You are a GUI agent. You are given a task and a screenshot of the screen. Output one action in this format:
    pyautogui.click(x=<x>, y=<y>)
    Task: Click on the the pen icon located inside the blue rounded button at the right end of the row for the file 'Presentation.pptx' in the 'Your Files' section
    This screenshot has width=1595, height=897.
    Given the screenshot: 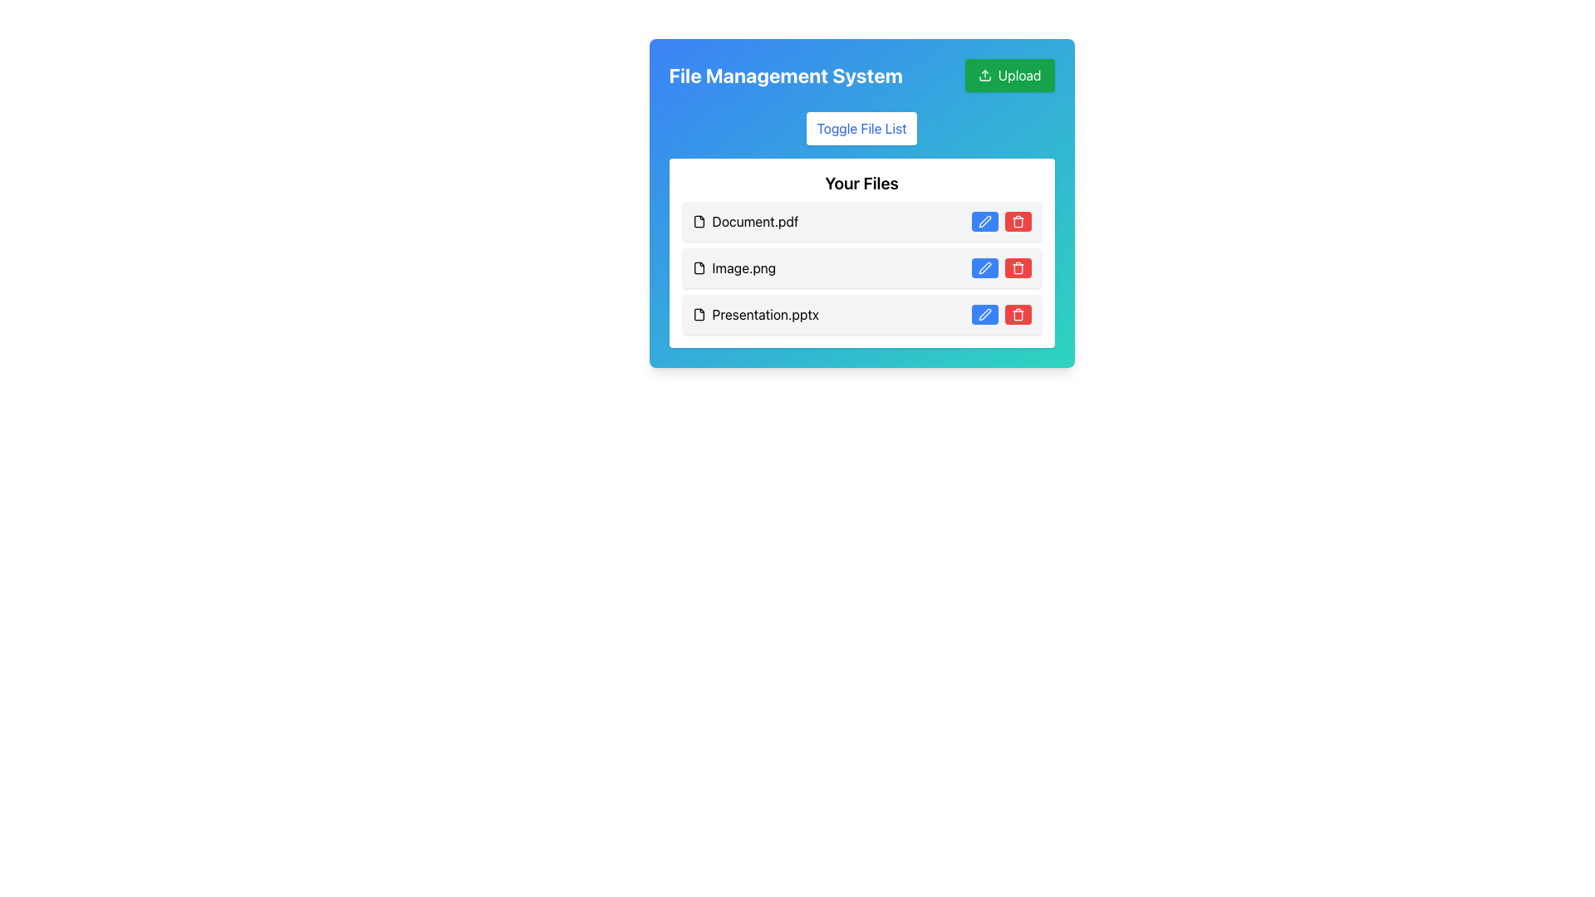 What is the action you would take?
    pyautogui.click(x=984, y=314)
    